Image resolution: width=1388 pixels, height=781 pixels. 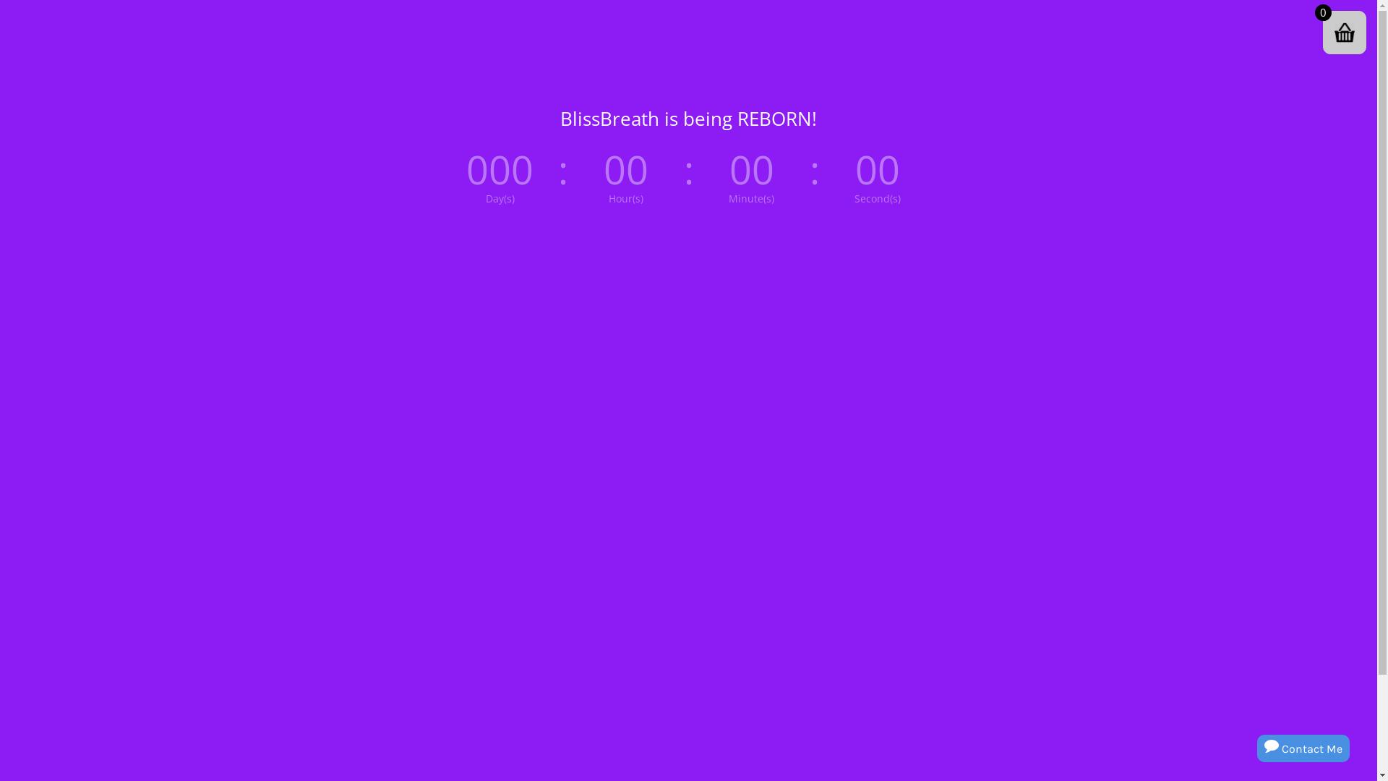 What do you see at coordinates (1303, 748) in the screenshot?
I see `'Contact Me'` at bounding box center [1303, 748].